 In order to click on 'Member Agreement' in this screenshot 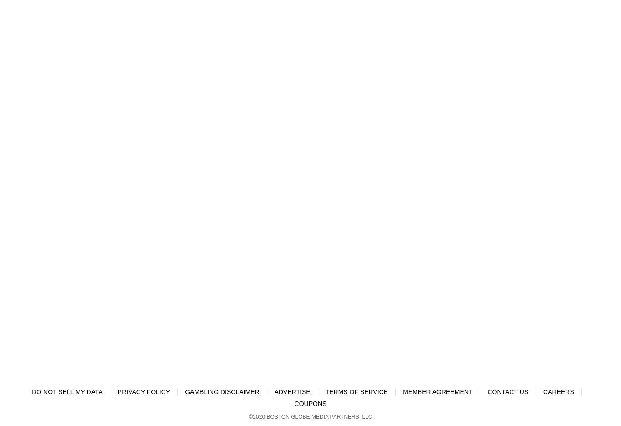, I will do `click(402, 391)`.